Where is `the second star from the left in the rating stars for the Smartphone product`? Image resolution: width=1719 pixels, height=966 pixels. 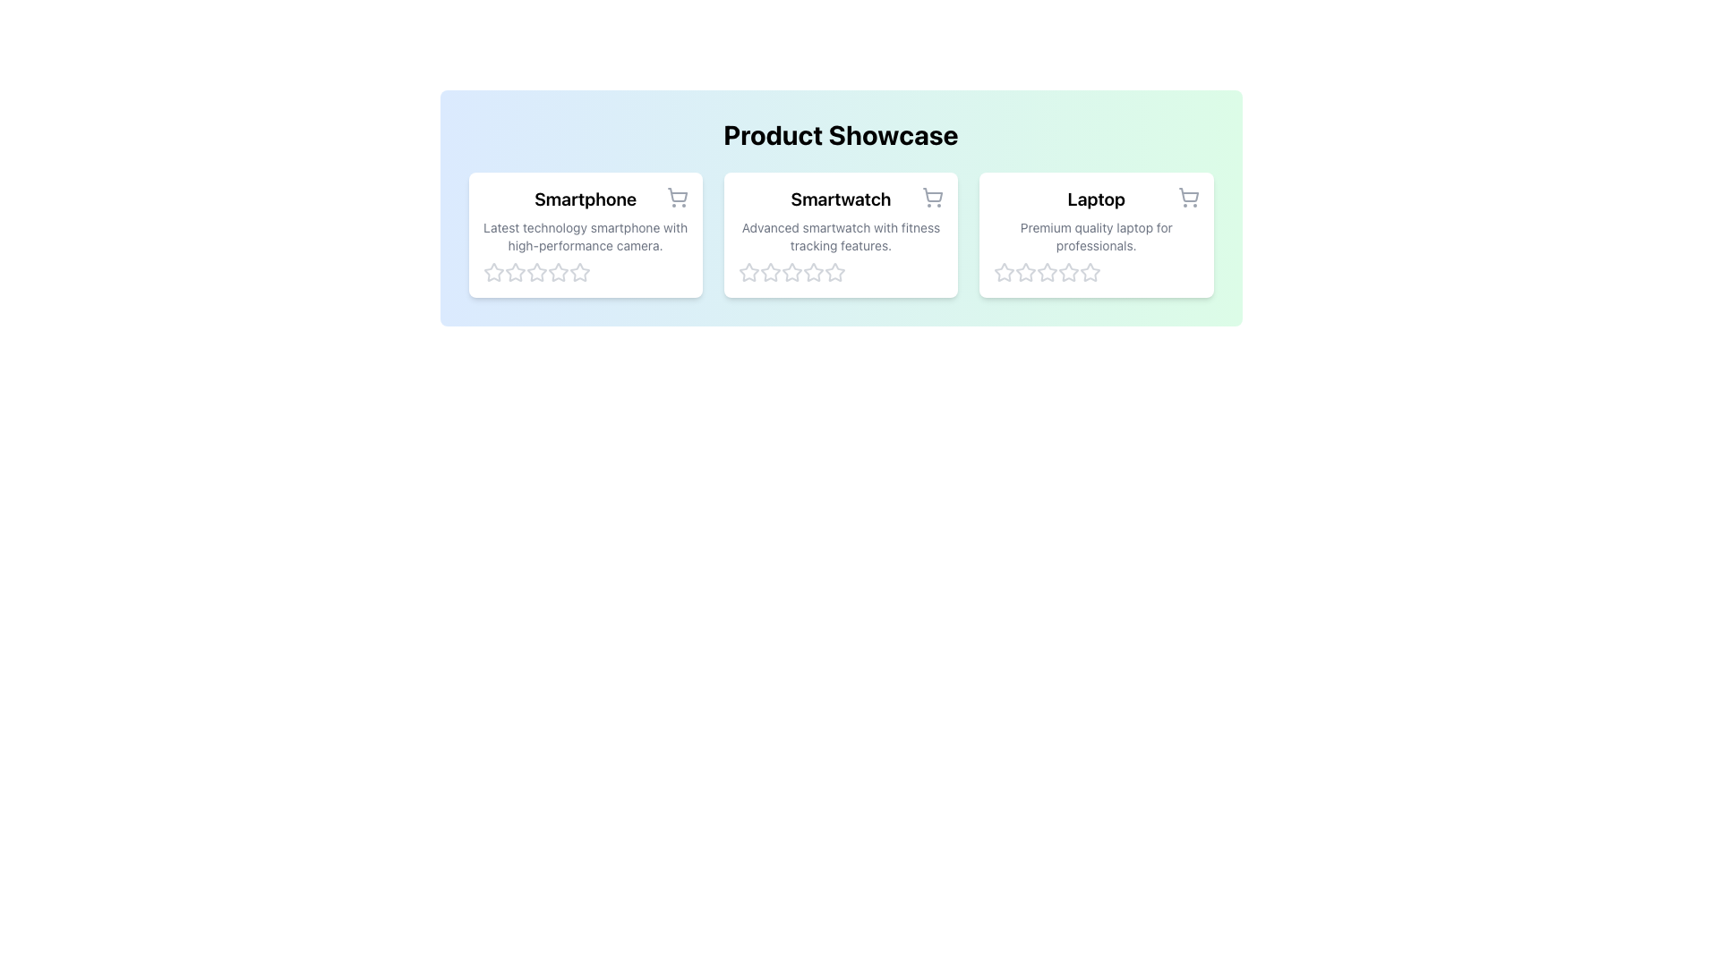
the second star from the left in the rating stars for the Smartphone product is located at coordinates (514, 272).